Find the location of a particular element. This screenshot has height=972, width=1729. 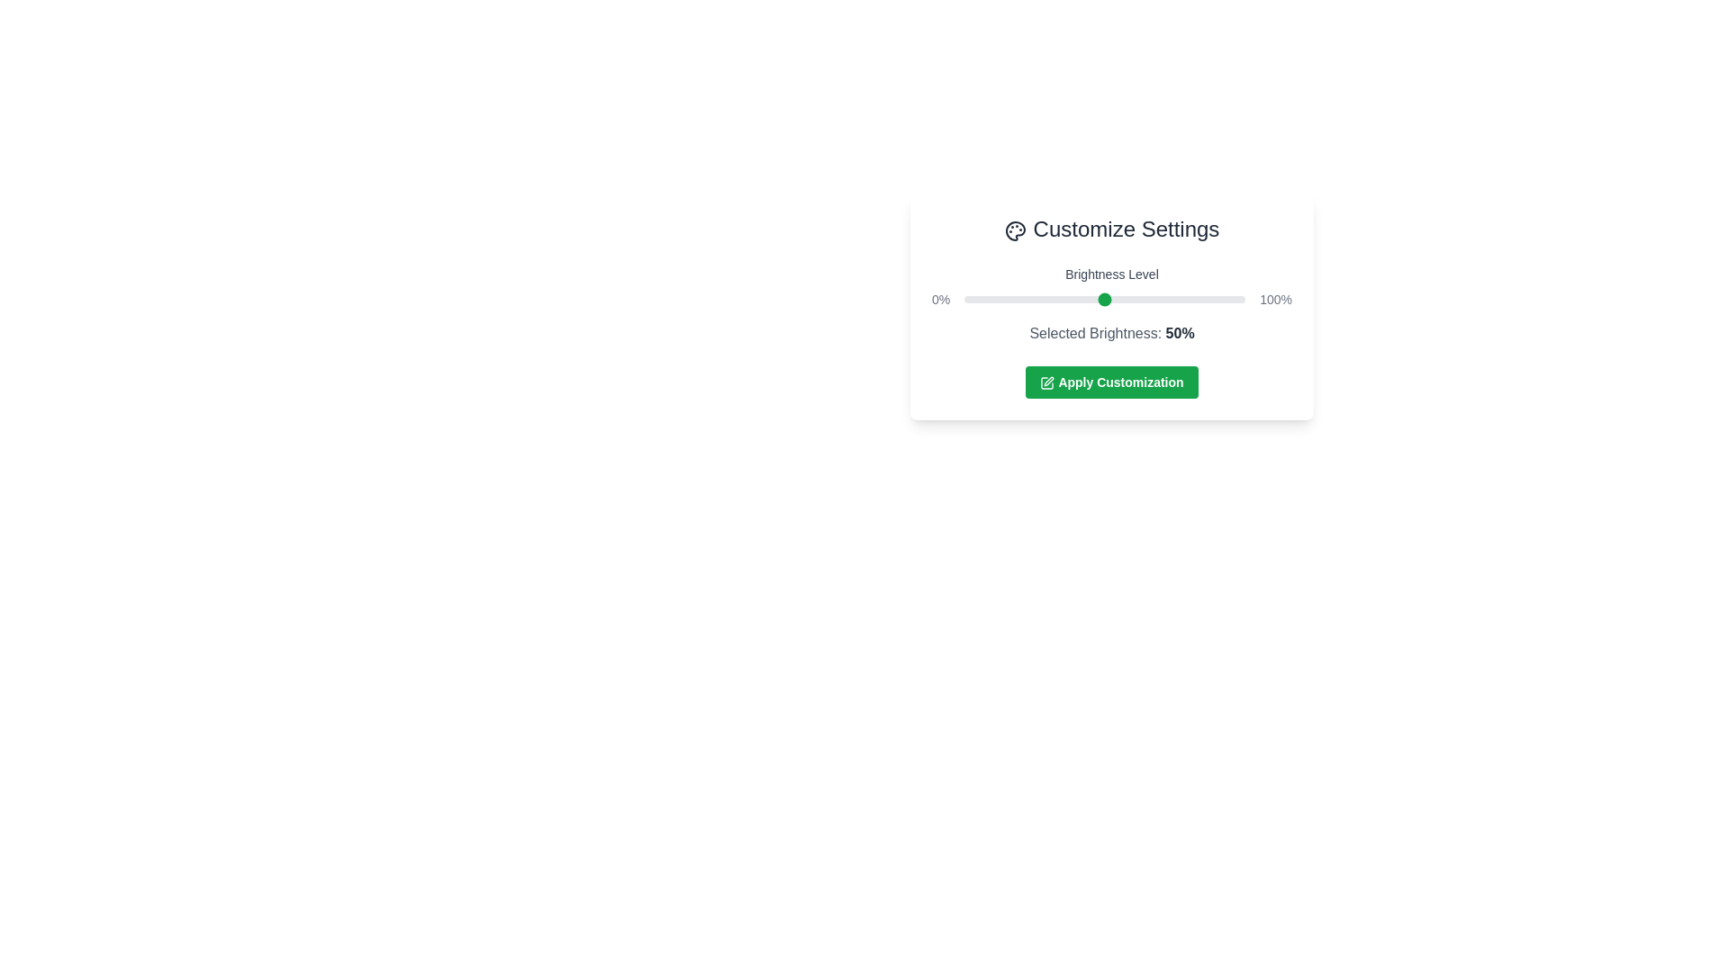

the brightness is located at coordinates (1214, 298).